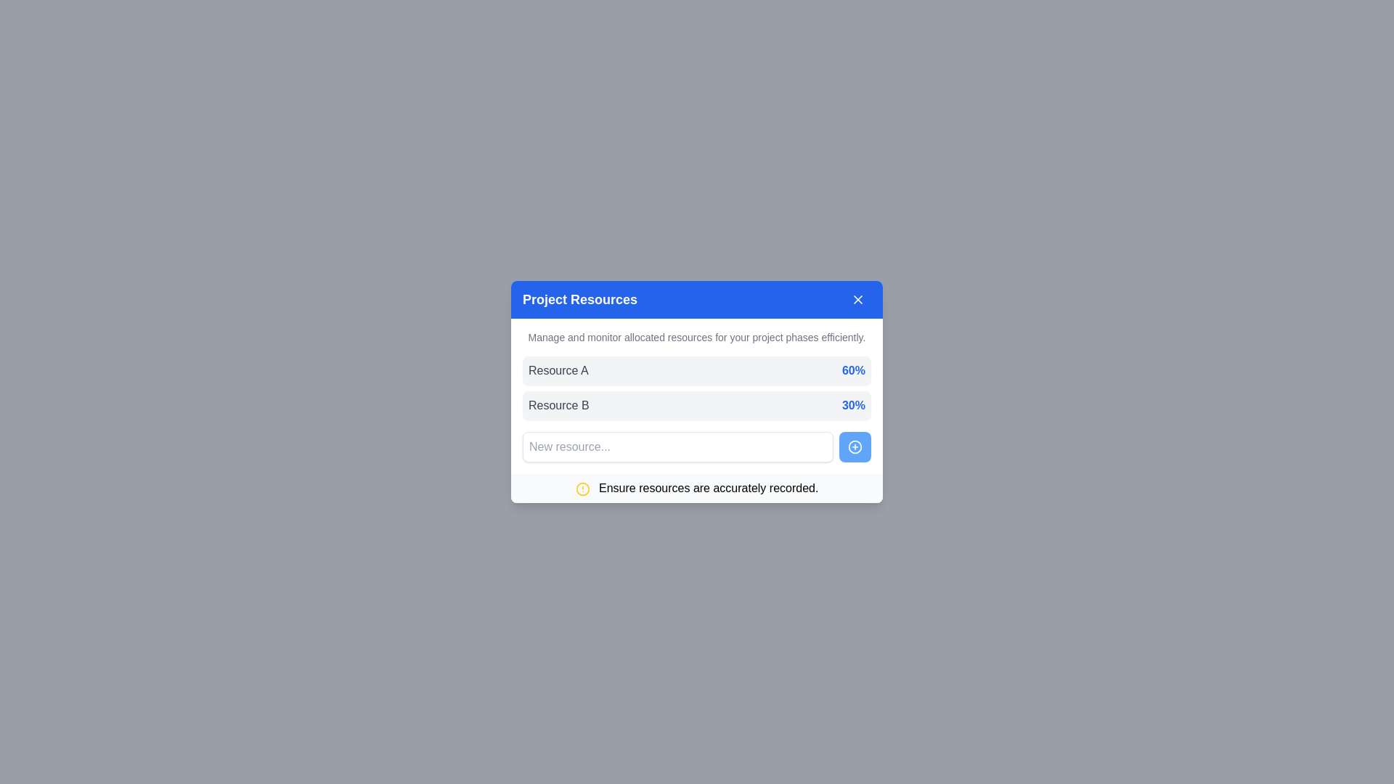 The width and height of the screenshot is (1394, 784). Describe the element at coordinates (857, 298) in the screenshot. I see `the close button located at the top-right corner of the 'Project Resources' section to change its background color` at that location.